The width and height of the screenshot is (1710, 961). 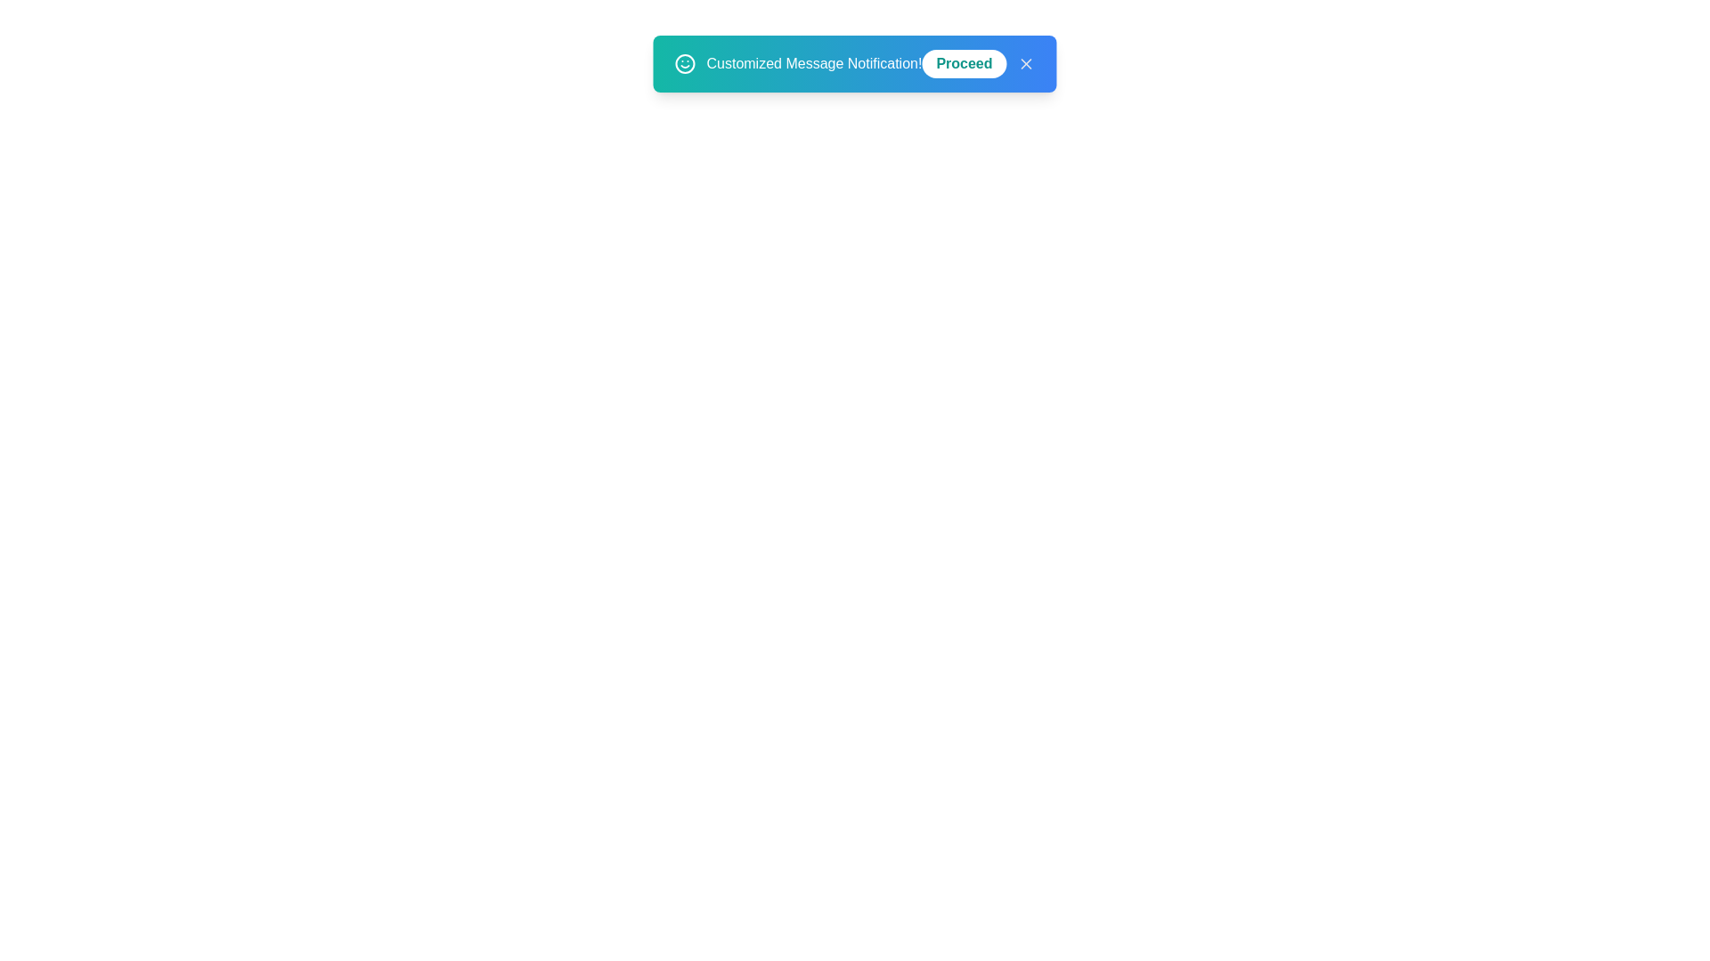 What do you see at coordinates (812, 63) in the screenshot?
I see `the text to select it` at bounding box center [812, 63].